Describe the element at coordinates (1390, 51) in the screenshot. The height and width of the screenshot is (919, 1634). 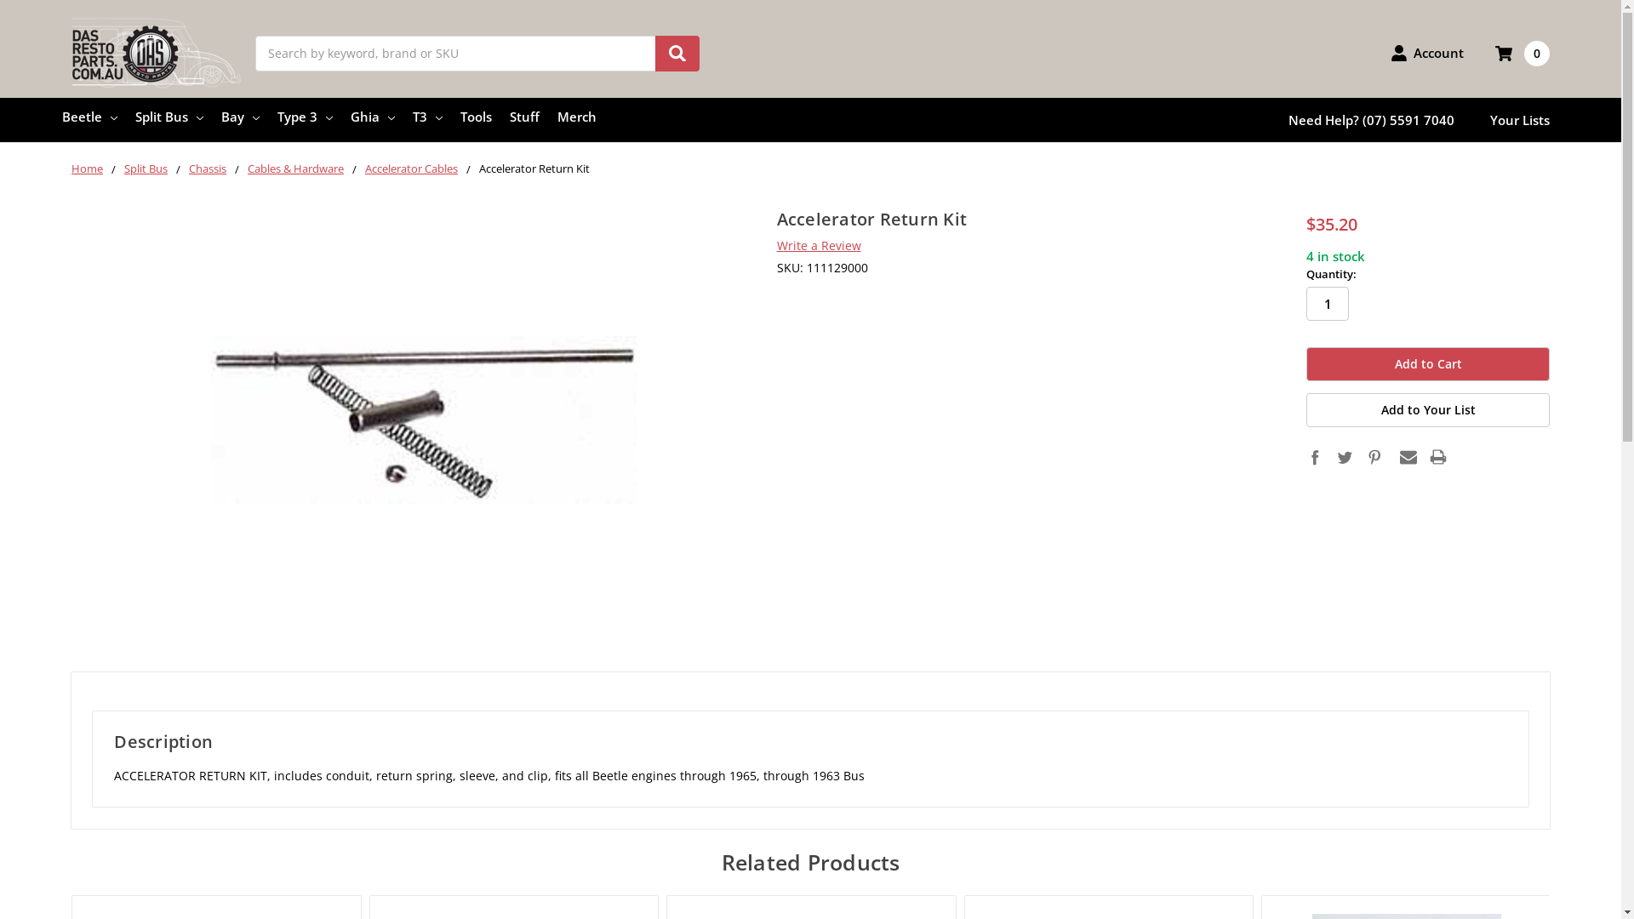
I see `'Account'` at that location.